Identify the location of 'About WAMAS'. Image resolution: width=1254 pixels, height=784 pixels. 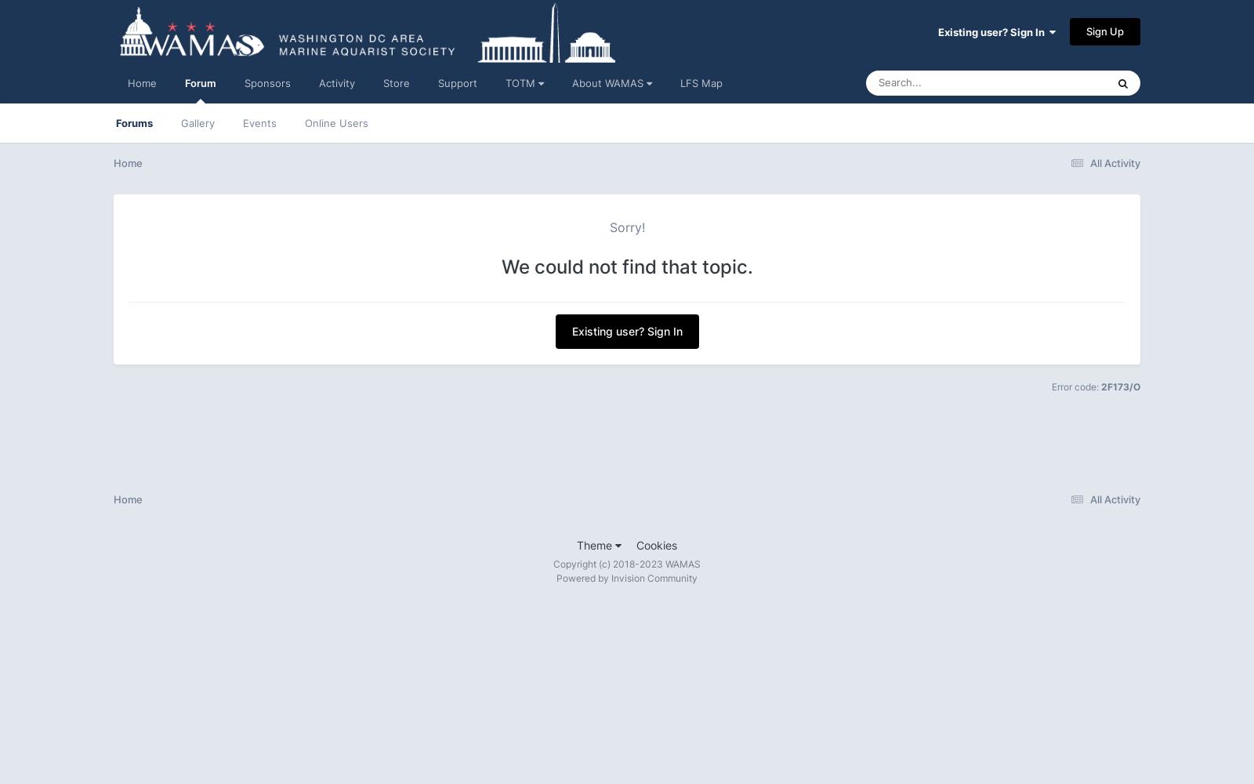
(571, 82).